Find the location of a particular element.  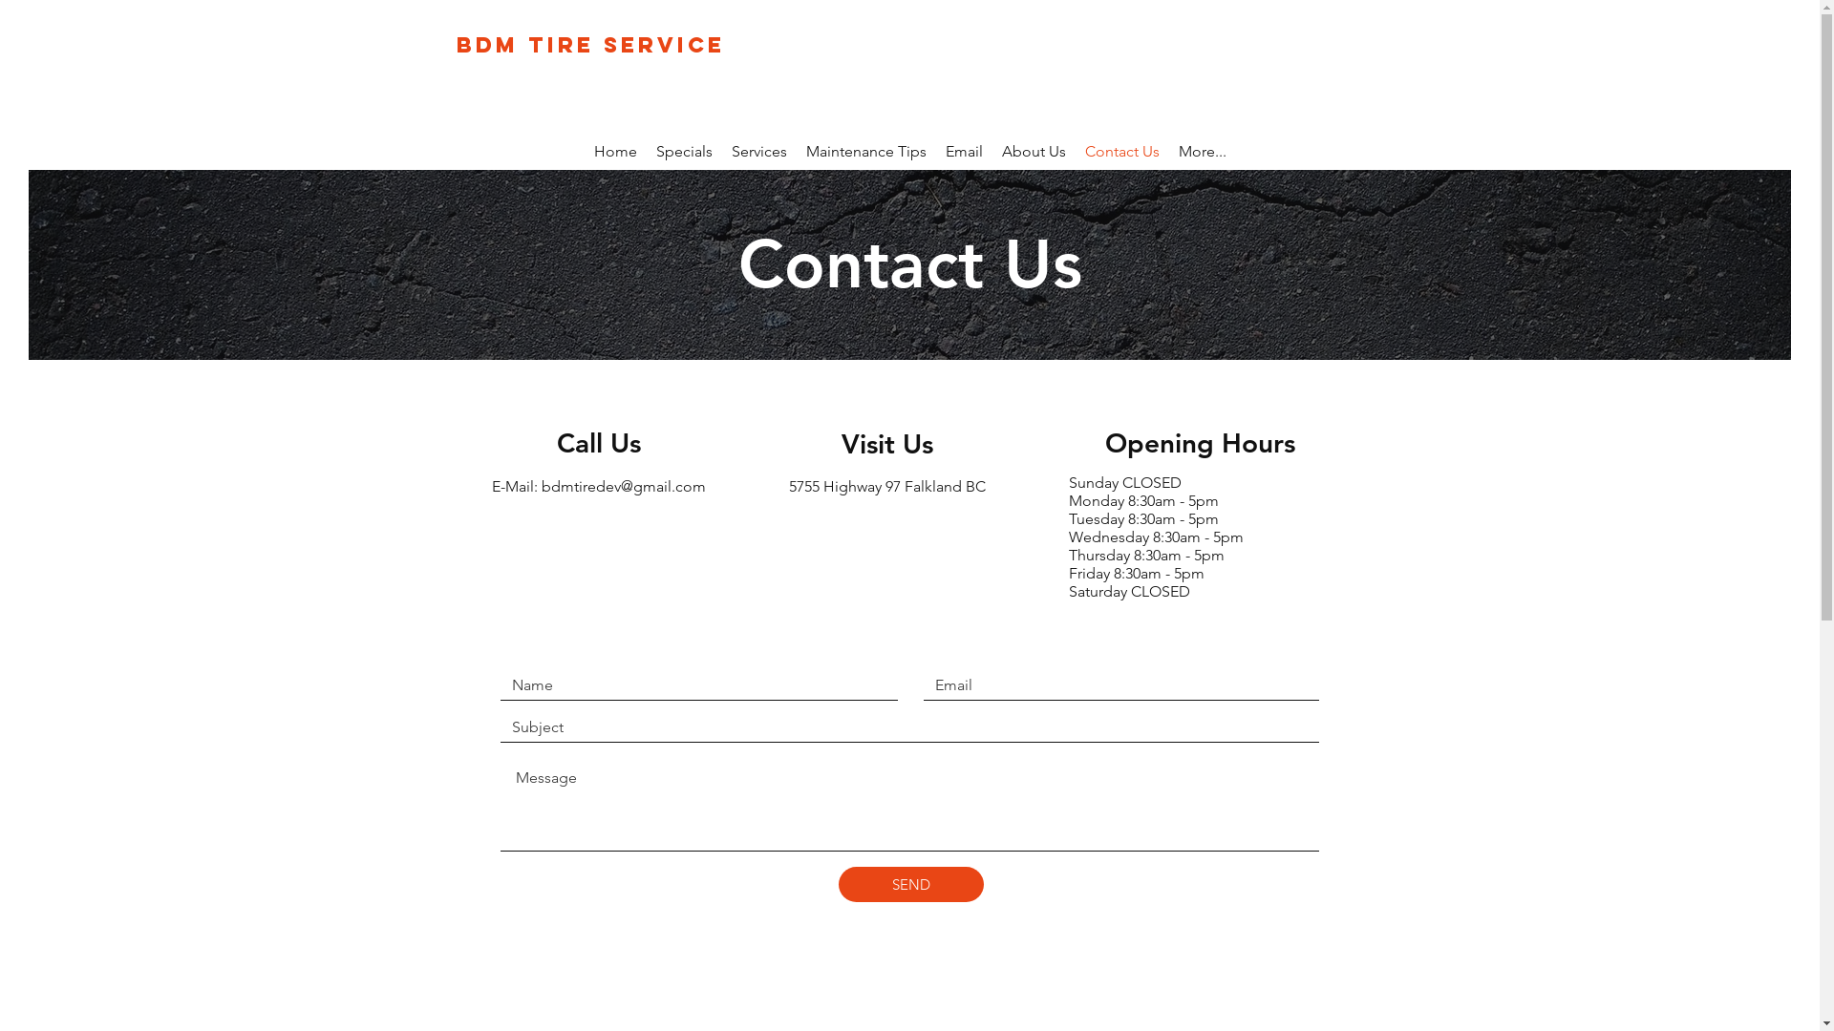

'Contact Us' is located at coordinates (1076, 154).